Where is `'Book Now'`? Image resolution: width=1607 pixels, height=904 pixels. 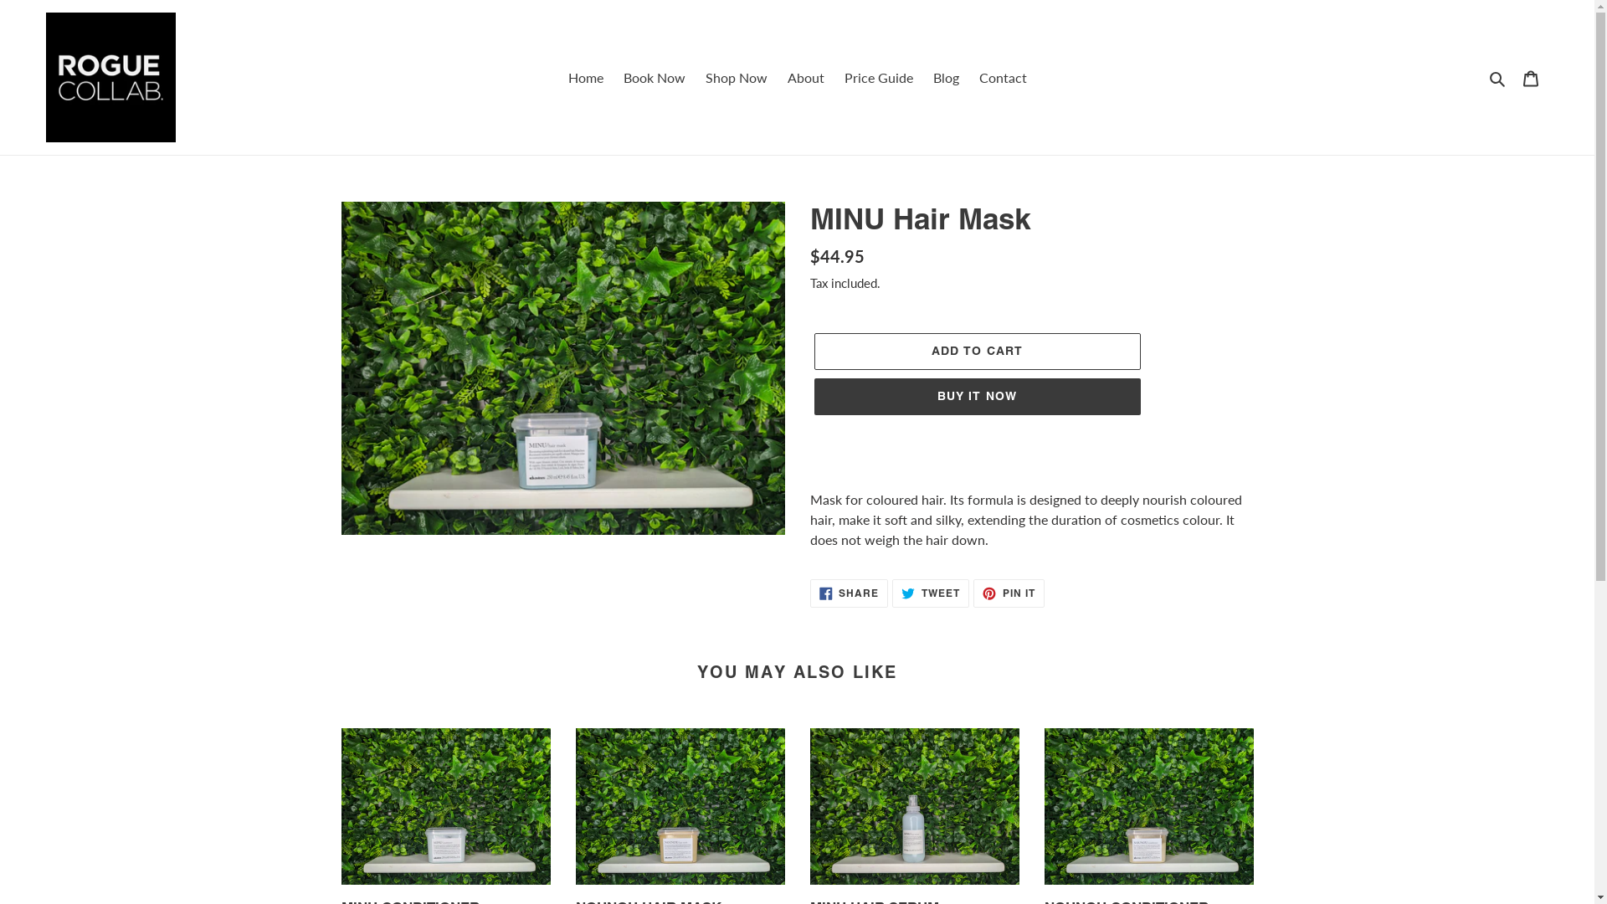 'Book Now' is located at coordinates (653, 77).